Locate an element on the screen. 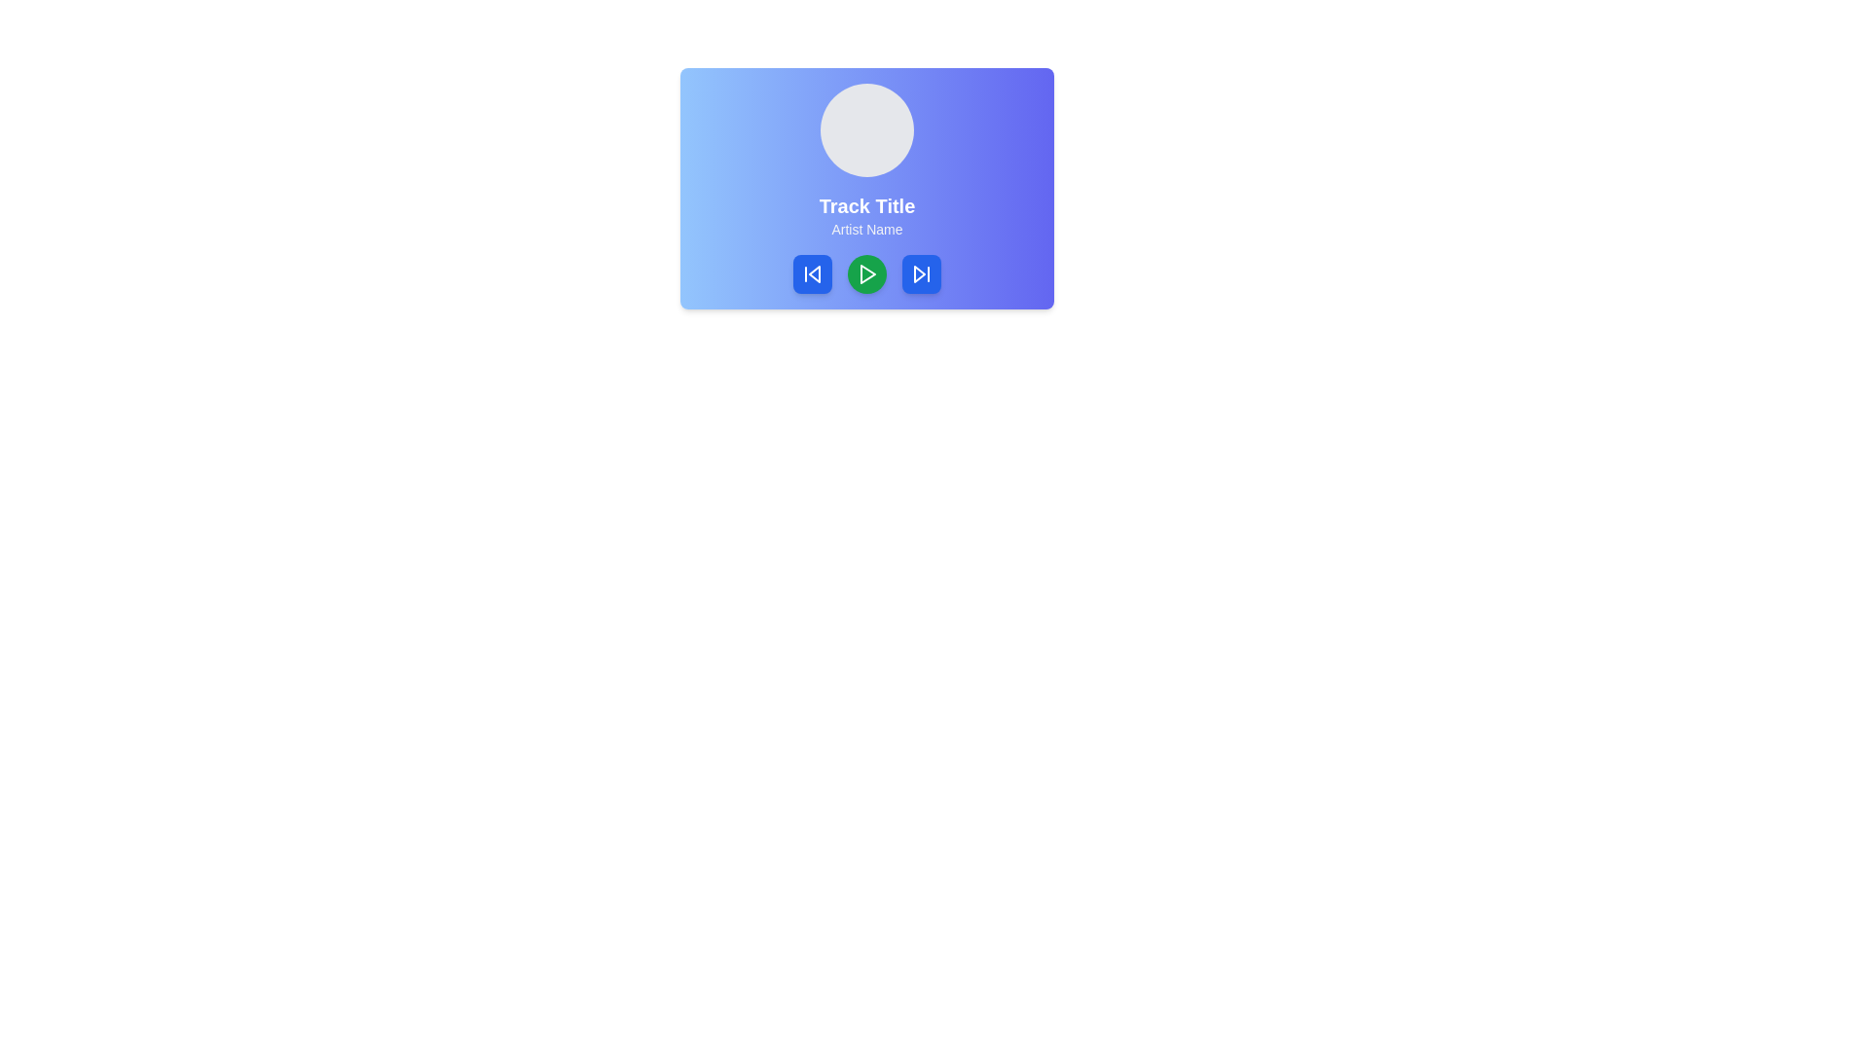 Image resolution: width=1869 pixels, height=1051 pixels. the 'Skip Forward' button icon located in the music player toolbar is located at coordinates (919, 273).